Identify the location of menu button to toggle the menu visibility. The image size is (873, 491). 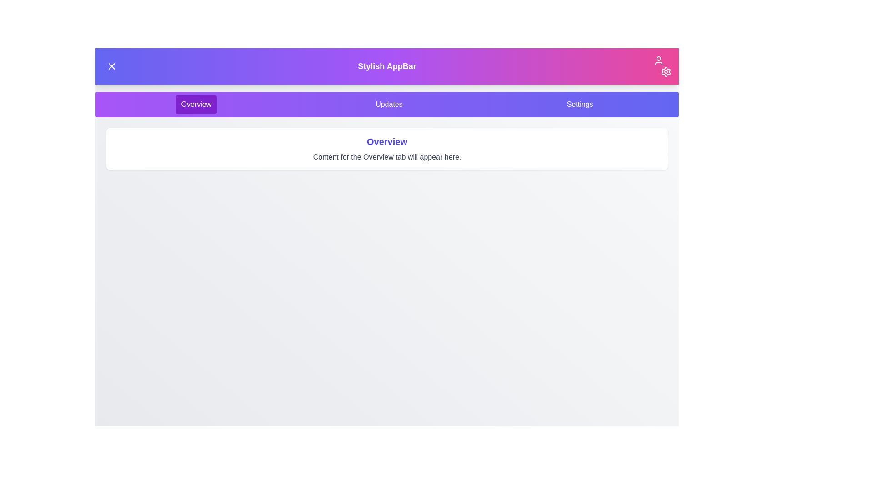
(111, 66).